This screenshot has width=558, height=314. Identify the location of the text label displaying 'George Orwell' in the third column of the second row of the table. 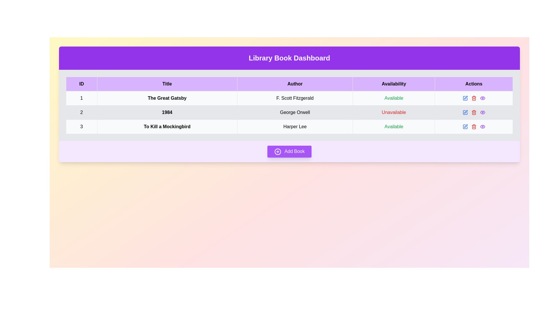
(295, 112).